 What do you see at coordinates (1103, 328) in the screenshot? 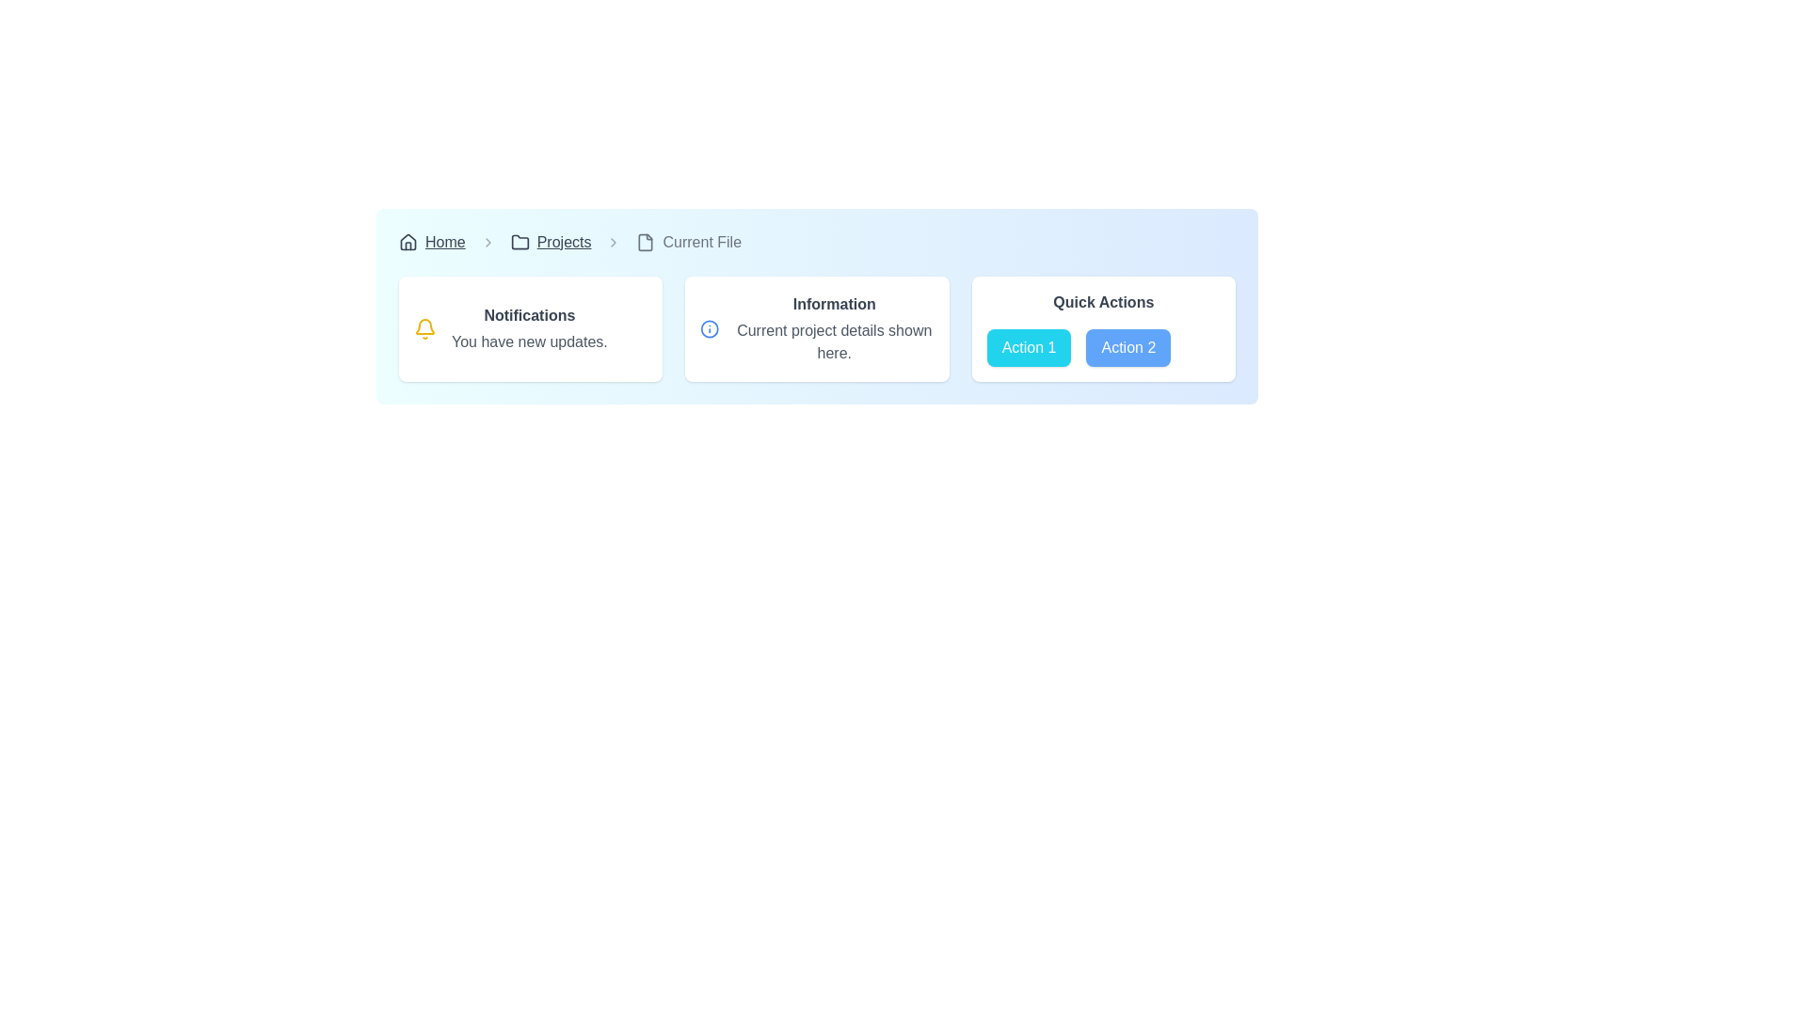
I see `the button labeled 'Action 2' in the third panel of the quick action section, which is located on the rightmost side of a row containing similar panels` at bounding box center [1103, 328].